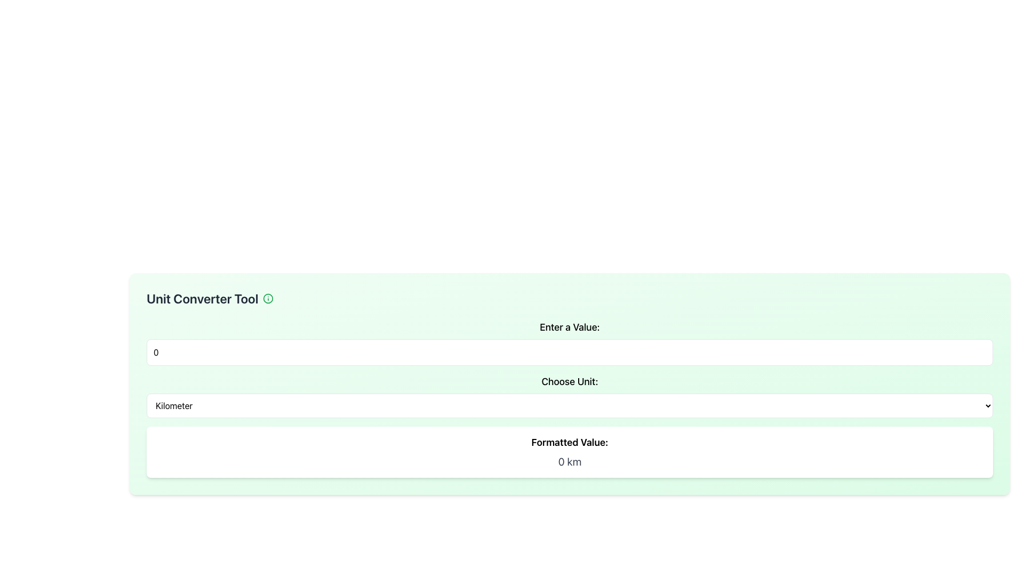 This screenshot has width=1024, height=576. What do you see at coordinates (569, 442) in the screenshot?
I see `the static text label reading 'Formatted Value:' which is styled in a larger bold font and is positioned above the text element displaying '0 km'` at bounding box center [569, 442].